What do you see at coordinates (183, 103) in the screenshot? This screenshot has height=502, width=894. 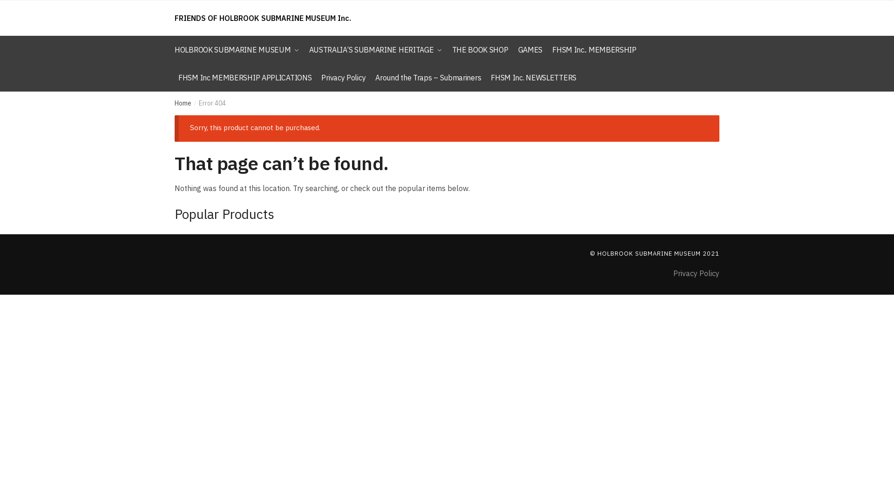 I see `'Home'` at bounding box center [183, 103].